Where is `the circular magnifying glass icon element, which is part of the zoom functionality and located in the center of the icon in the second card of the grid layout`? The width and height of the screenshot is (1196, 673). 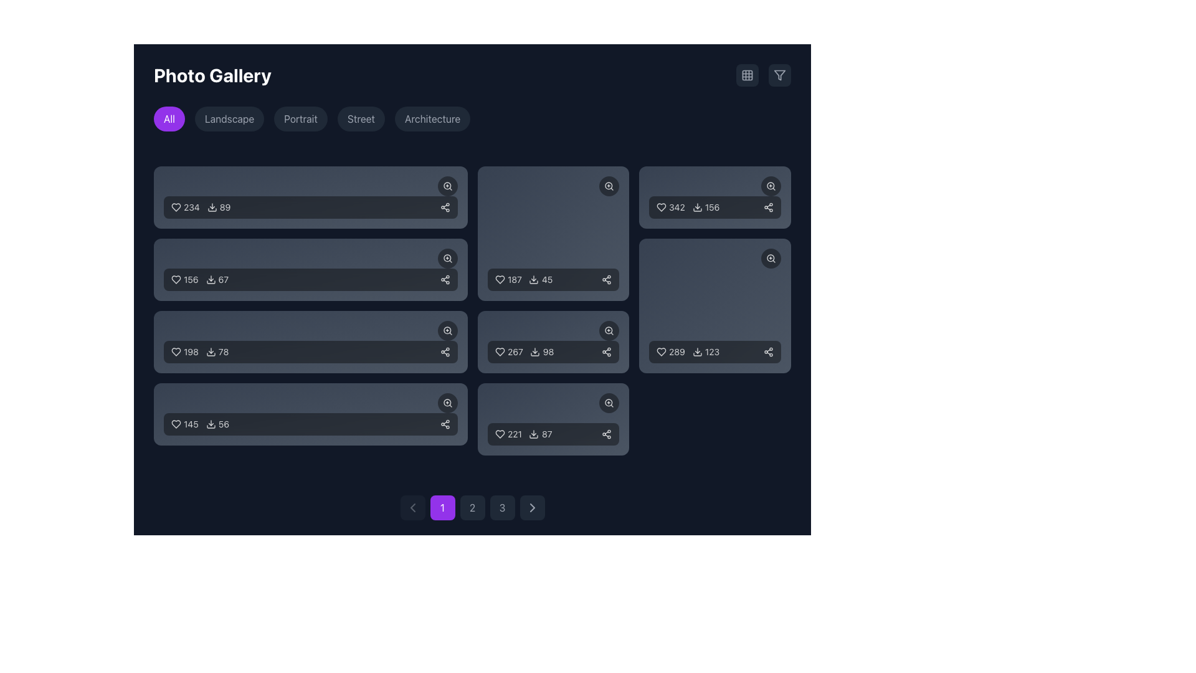 the circular magnifying glass icon element, which is part of the zoom functionality and located in the center of the icon in the second card of the grid layout is located at coordinates (447, 257).